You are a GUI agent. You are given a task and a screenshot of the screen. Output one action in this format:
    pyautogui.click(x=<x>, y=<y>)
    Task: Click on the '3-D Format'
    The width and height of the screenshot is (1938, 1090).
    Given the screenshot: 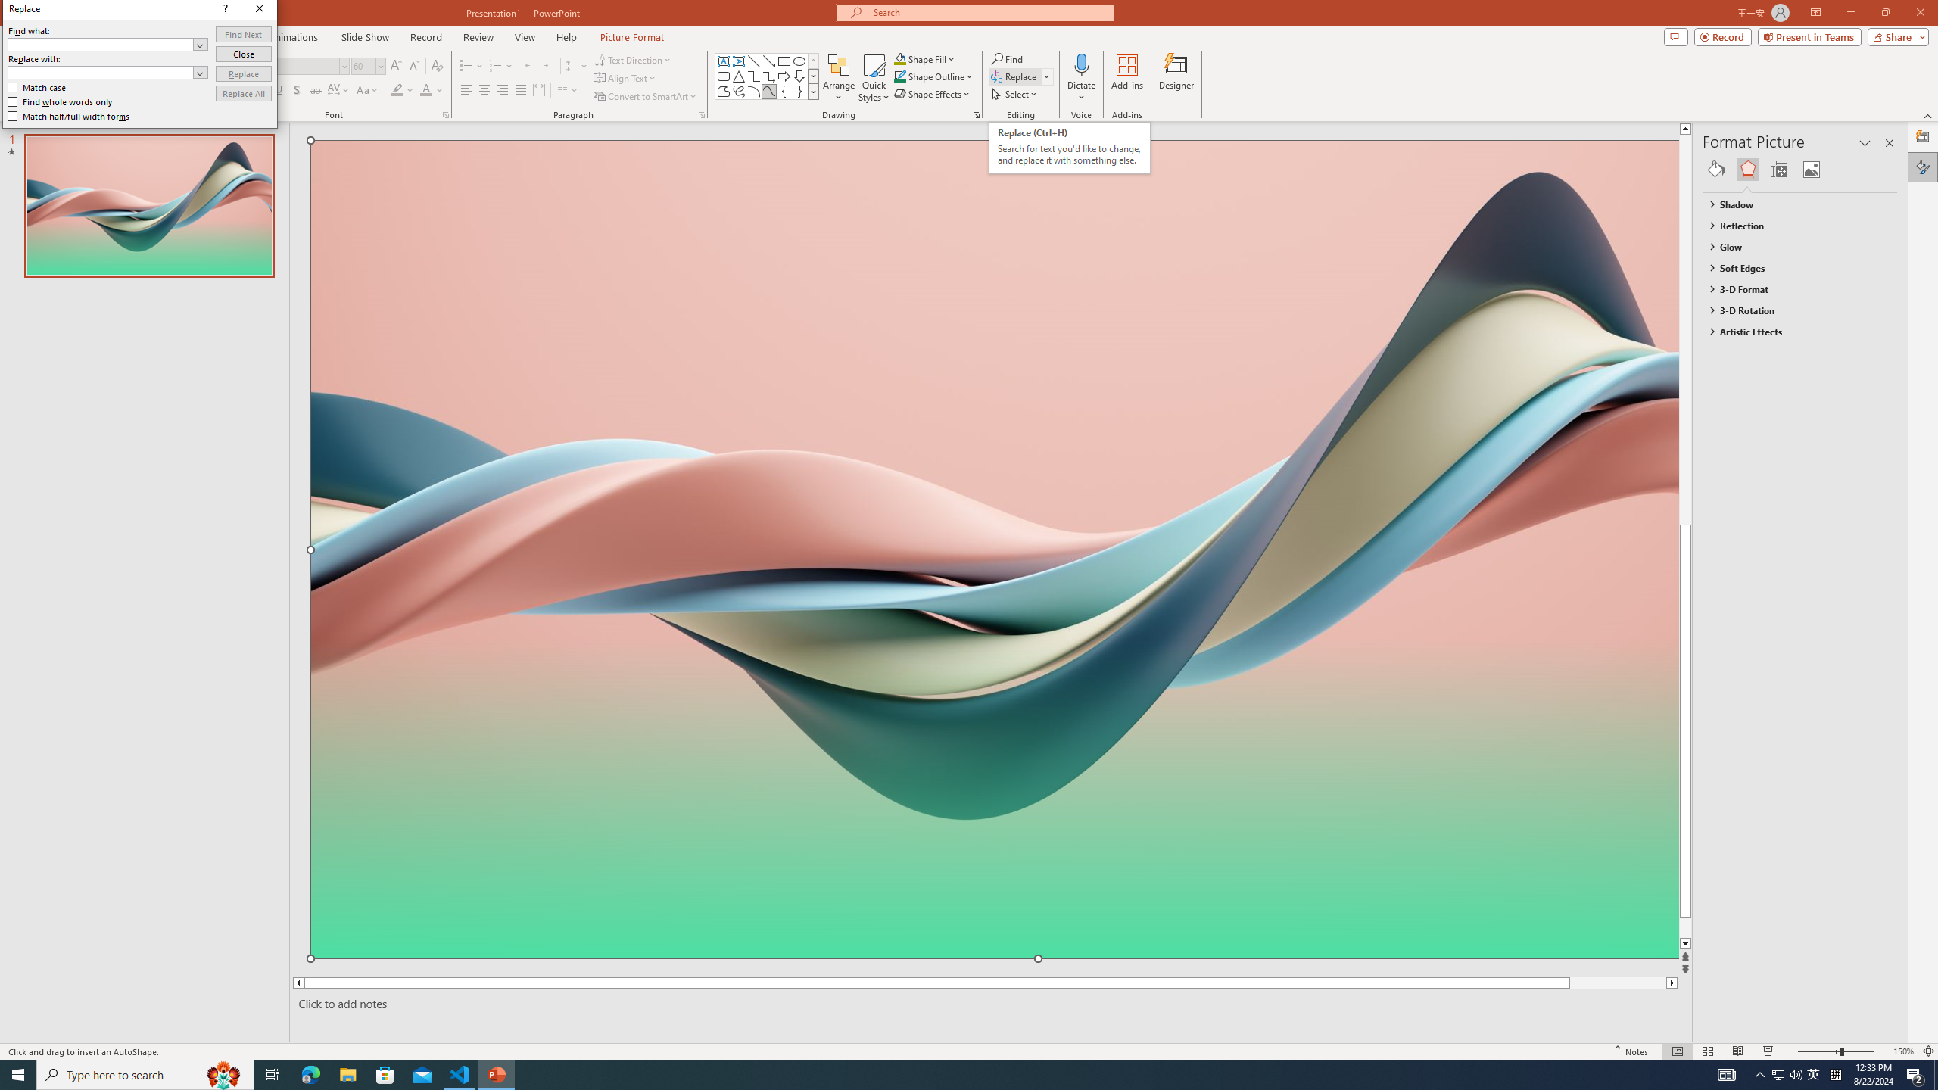 What is the action you would take?
    pyautogui.click(x=1793, y=289)
    